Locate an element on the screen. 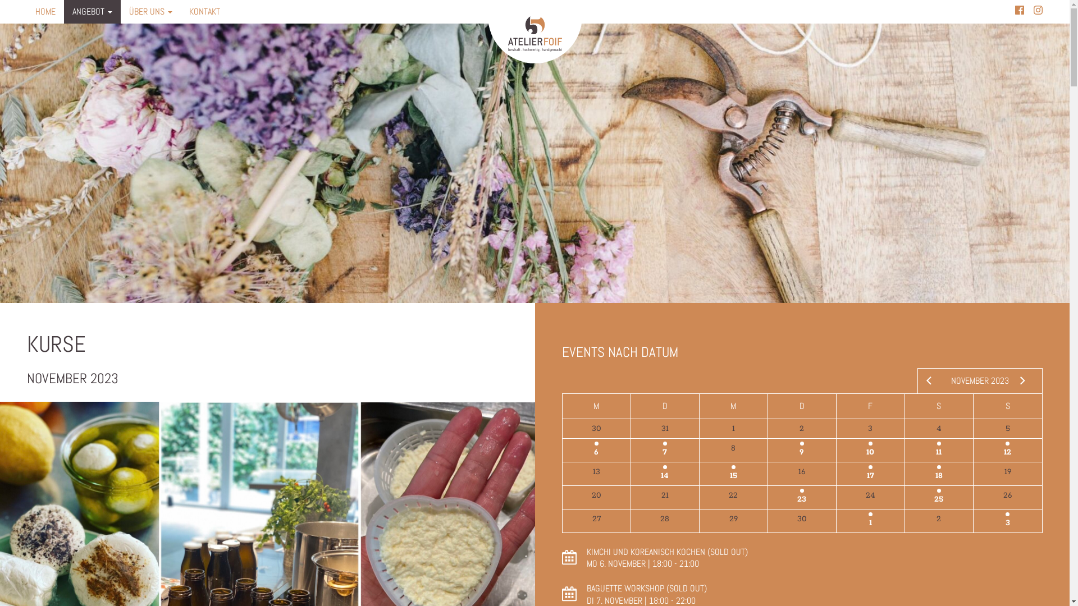  '1 VERANSTALTUNG, is located at coordinates (801, 449).